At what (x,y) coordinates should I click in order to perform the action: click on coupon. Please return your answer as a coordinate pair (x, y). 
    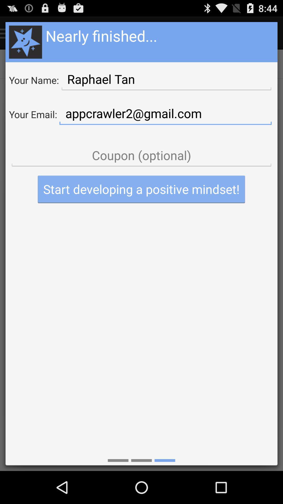
    Looking at the image, I should click on (141, 155).